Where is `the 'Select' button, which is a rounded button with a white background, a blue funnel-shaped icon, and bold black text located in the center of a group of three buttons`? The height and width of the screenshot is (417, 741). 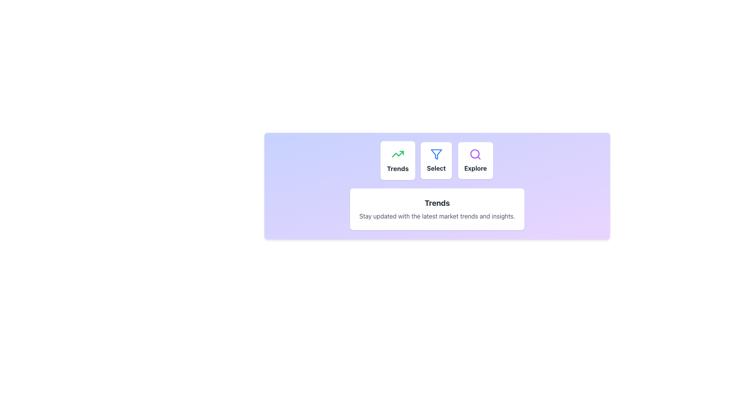 the 'Select' button, which is a rounded button with a white background, a blue funnel-shaped icon, and bold black text located in the center of a group of three buttons is located at coordinates (436, 160).